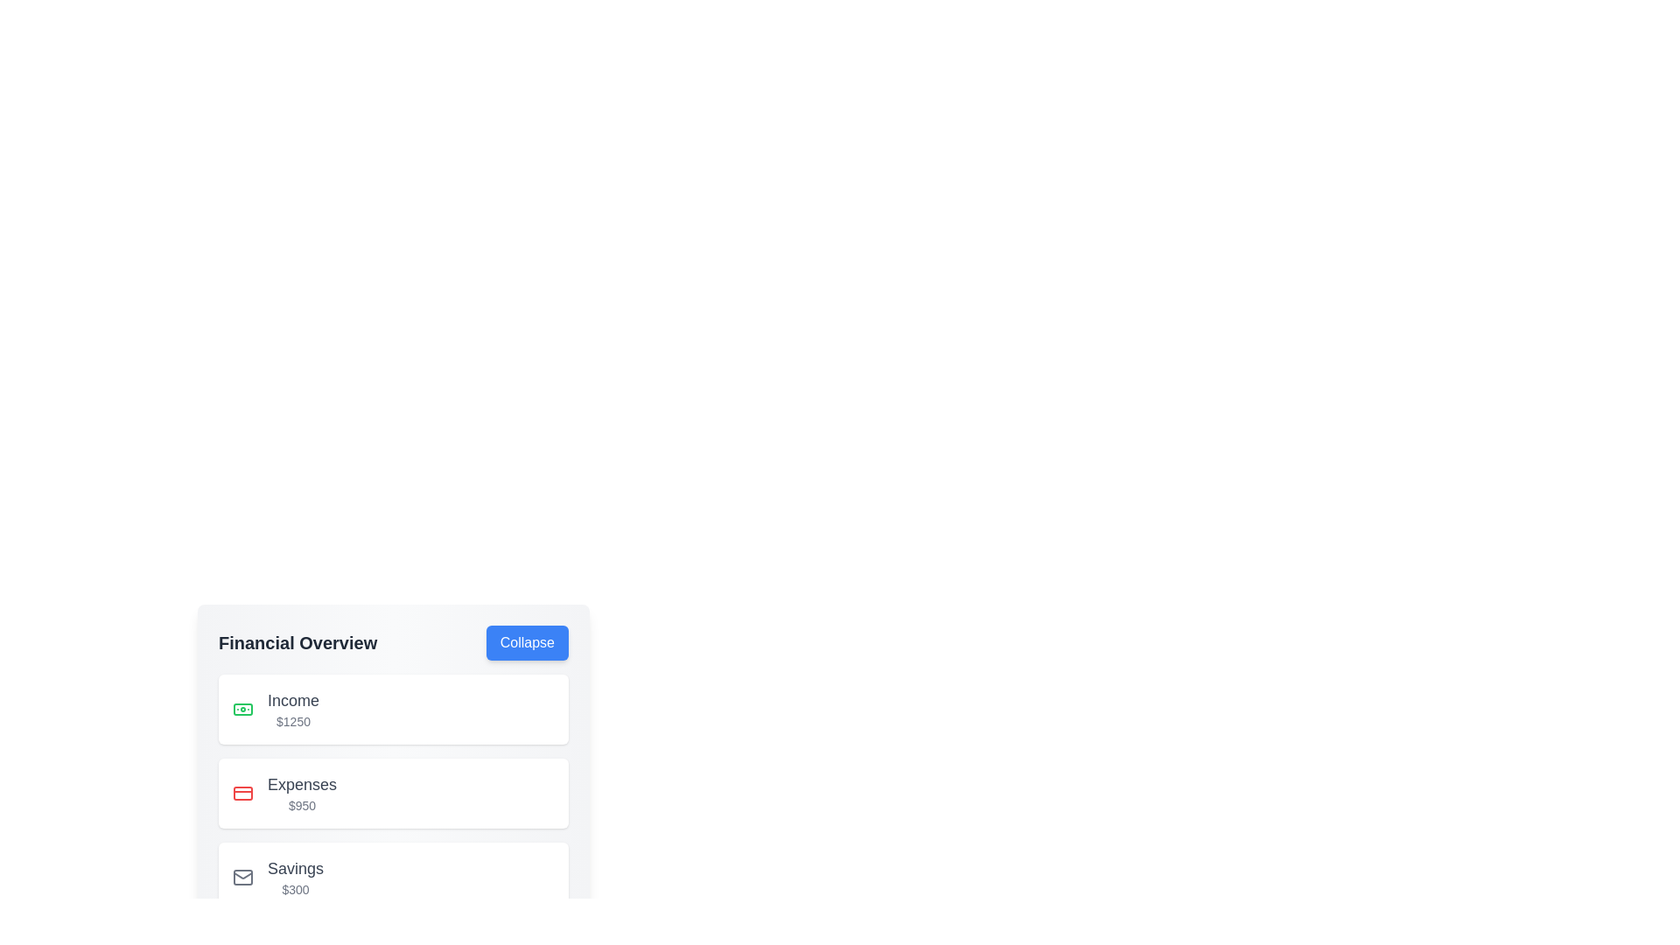  I want to click on the text display component that shows 'Income' in bold and '$1250' in a smaller font, located centrally aligned to the right of a green banknote icon, so click(293, 709).